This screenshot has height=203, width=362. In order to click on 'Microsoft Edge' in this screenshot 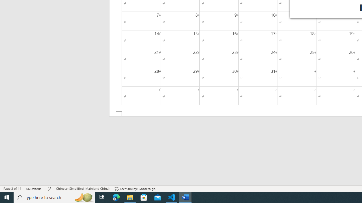, I will do `click(116, 197)`.